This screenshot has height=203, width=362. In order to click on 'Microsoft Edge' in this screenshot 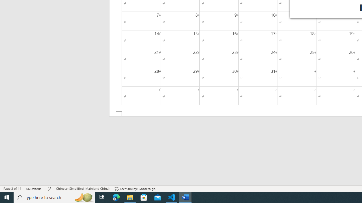, I will do `click(116, 197)`.